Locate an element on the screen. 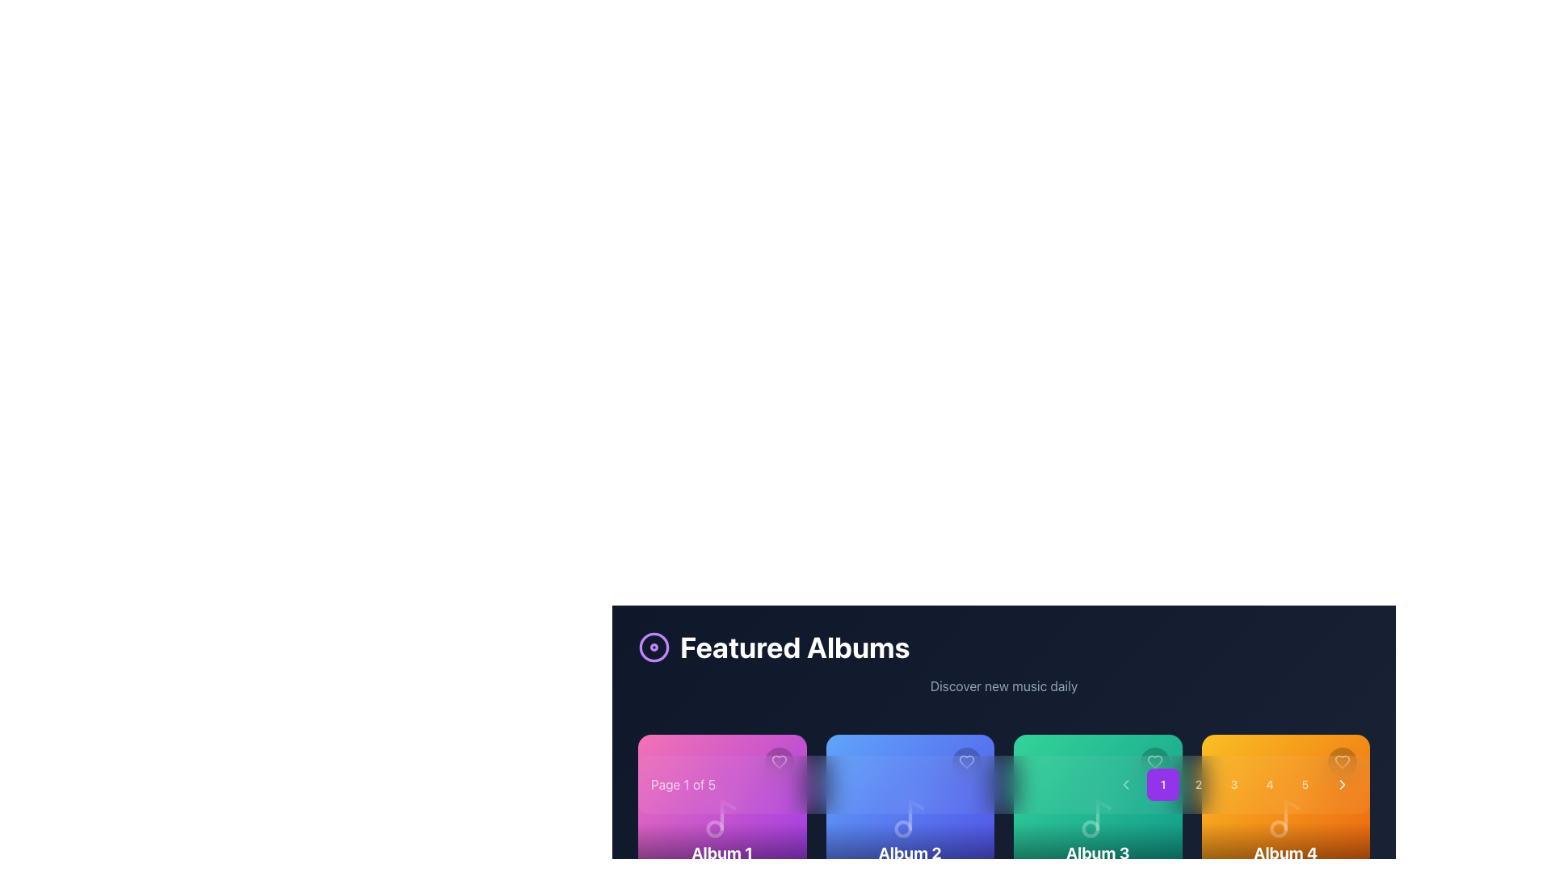  the 'like' or 'favorite' icon located in the top-right corner of the first album card in the 'Featured Albums' section is located at coordinates (779, 762).